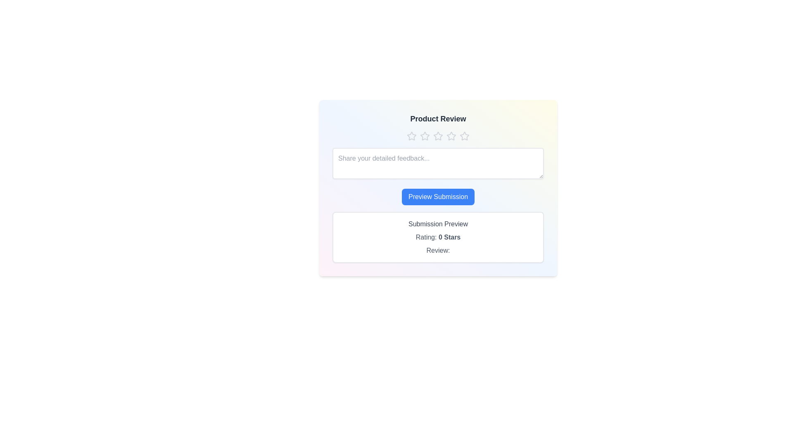 Image resolution: width=793 pixels, height=446 pixels. I want to click on the 'Preview Submission' button to toggle the preview visibility, so click(437, 197).